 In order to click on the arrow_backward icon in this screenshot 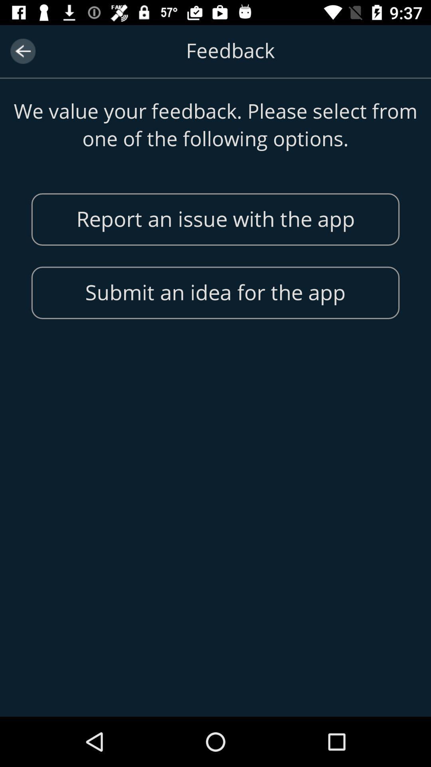, I will do `click(22, 51)`.